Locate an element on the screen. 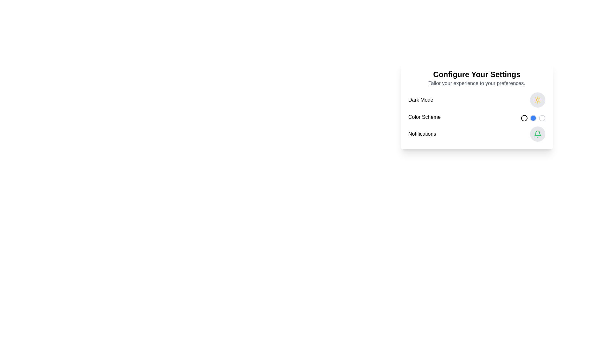 This screenshot has height=344, width=612. the text label displaying 'Configure Your Settings', which is a bold and large font header located at the top-center of the configuration dialog box is located at coordinates (477, 74).